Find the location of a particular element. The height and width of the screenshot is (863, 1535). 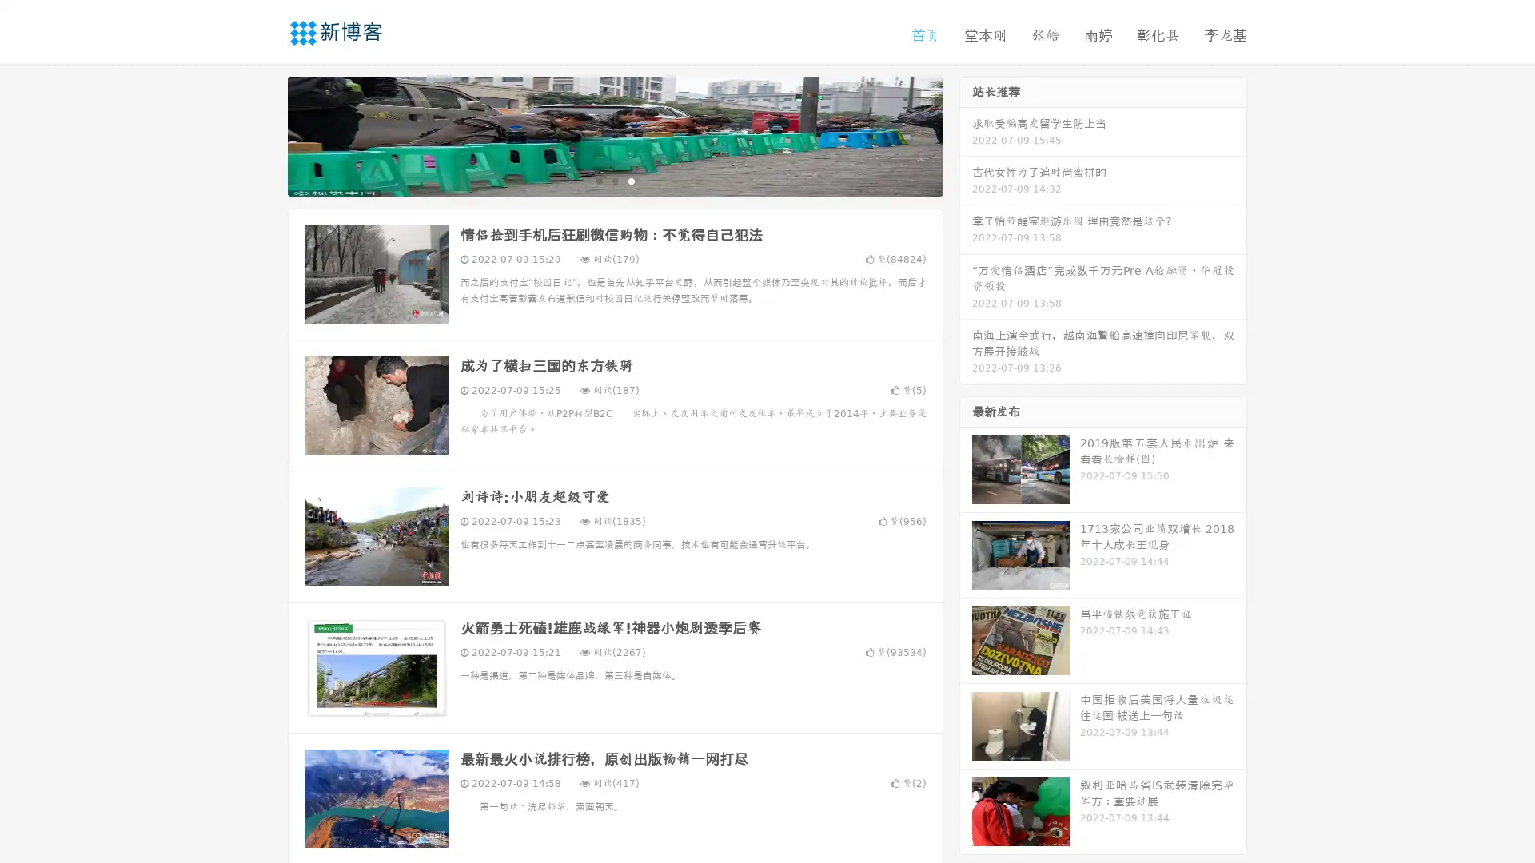

Previous slide is located at coordinates (264, 134).